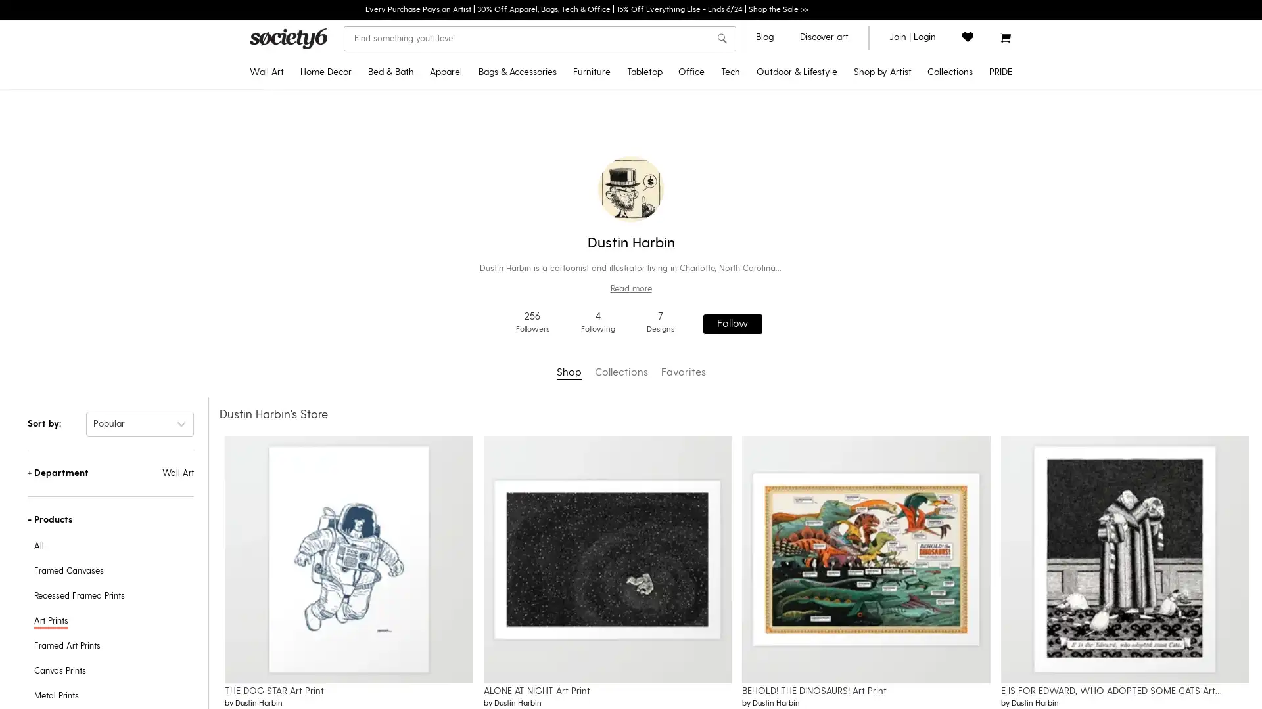 Image resolution: width=1262 pixels, height=709 pixels. I want to click on Discover Black Artists, so click(847, 168).